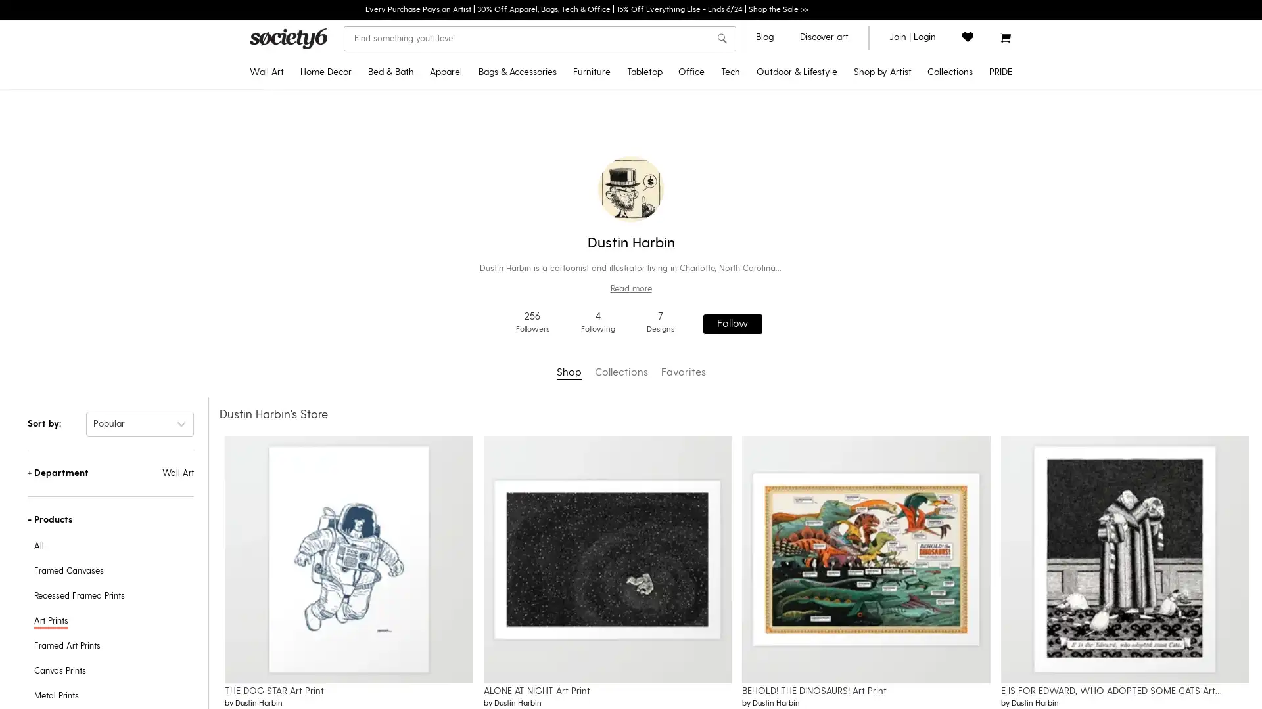 Image resolution: width=1262 pixels, height=709 pixels. I want to click on Discover Black Artists, so click(847, 168).